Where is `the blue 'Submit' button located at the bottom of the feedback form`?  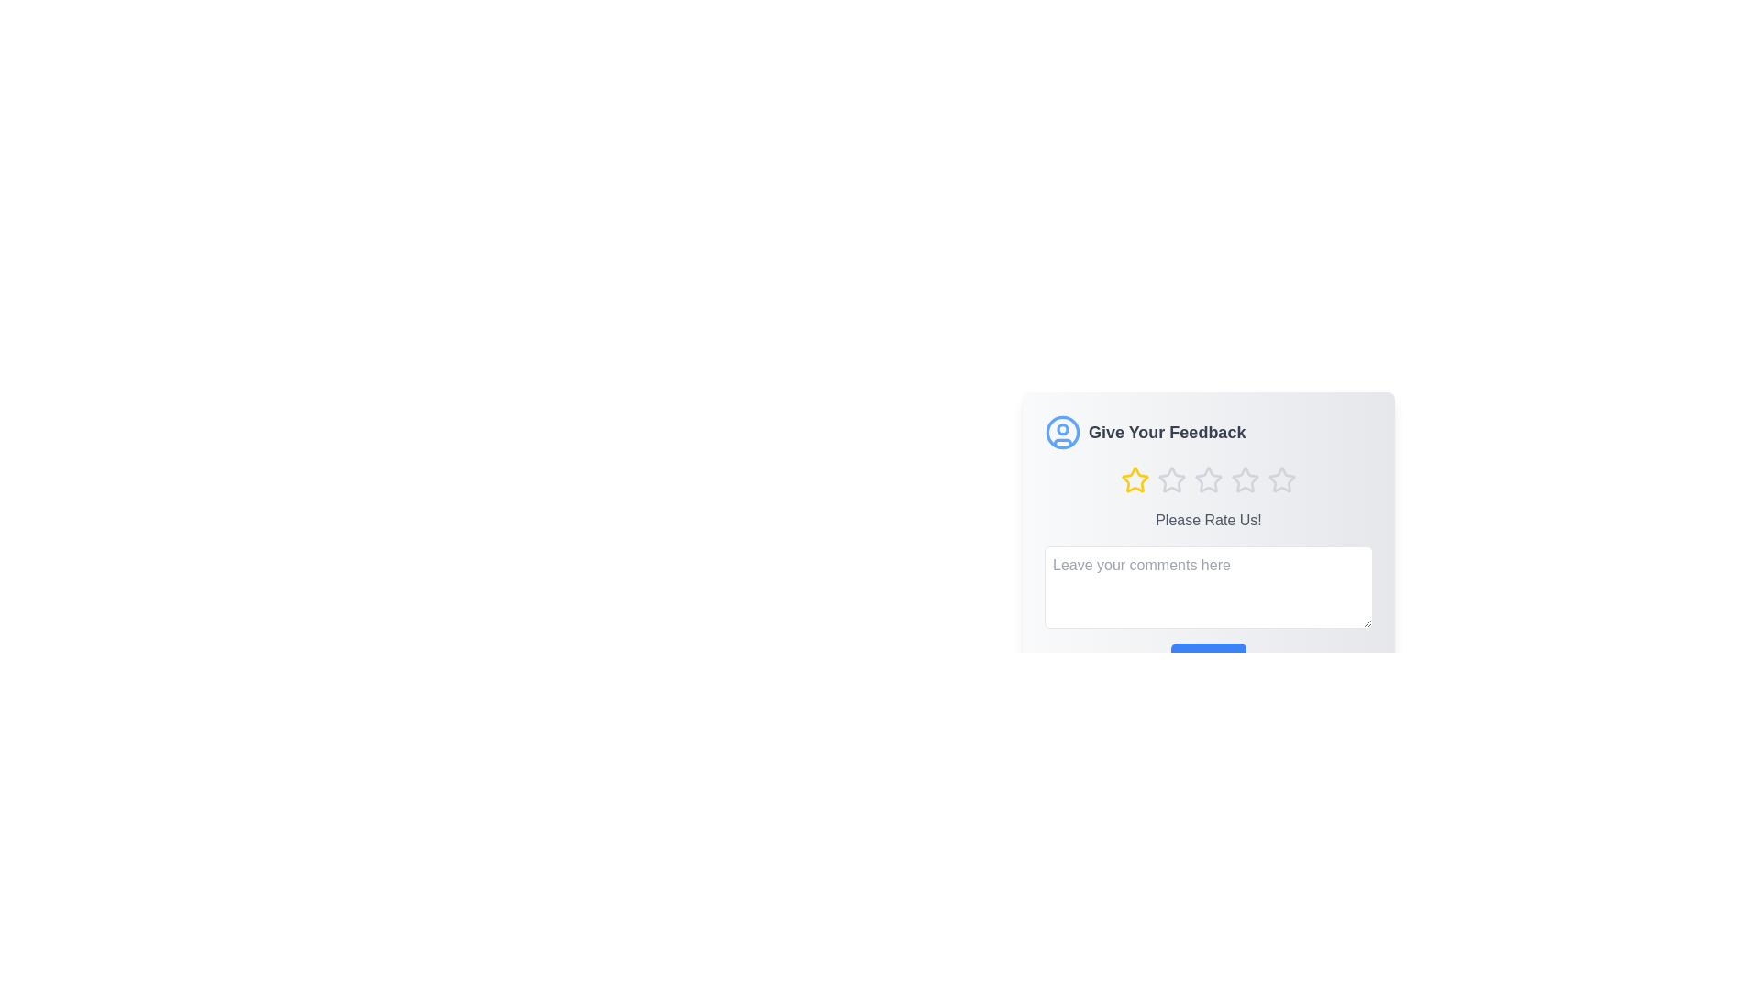
the blue 'Submit' button located at the bottom of the feedback form is located at coordinates (1209, 661).